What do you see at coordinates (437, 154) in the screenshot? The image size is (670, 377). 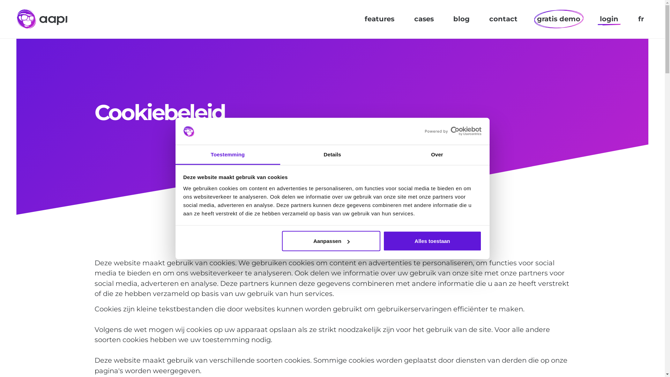 I see `'Over'` at bounding box center [437, 154].